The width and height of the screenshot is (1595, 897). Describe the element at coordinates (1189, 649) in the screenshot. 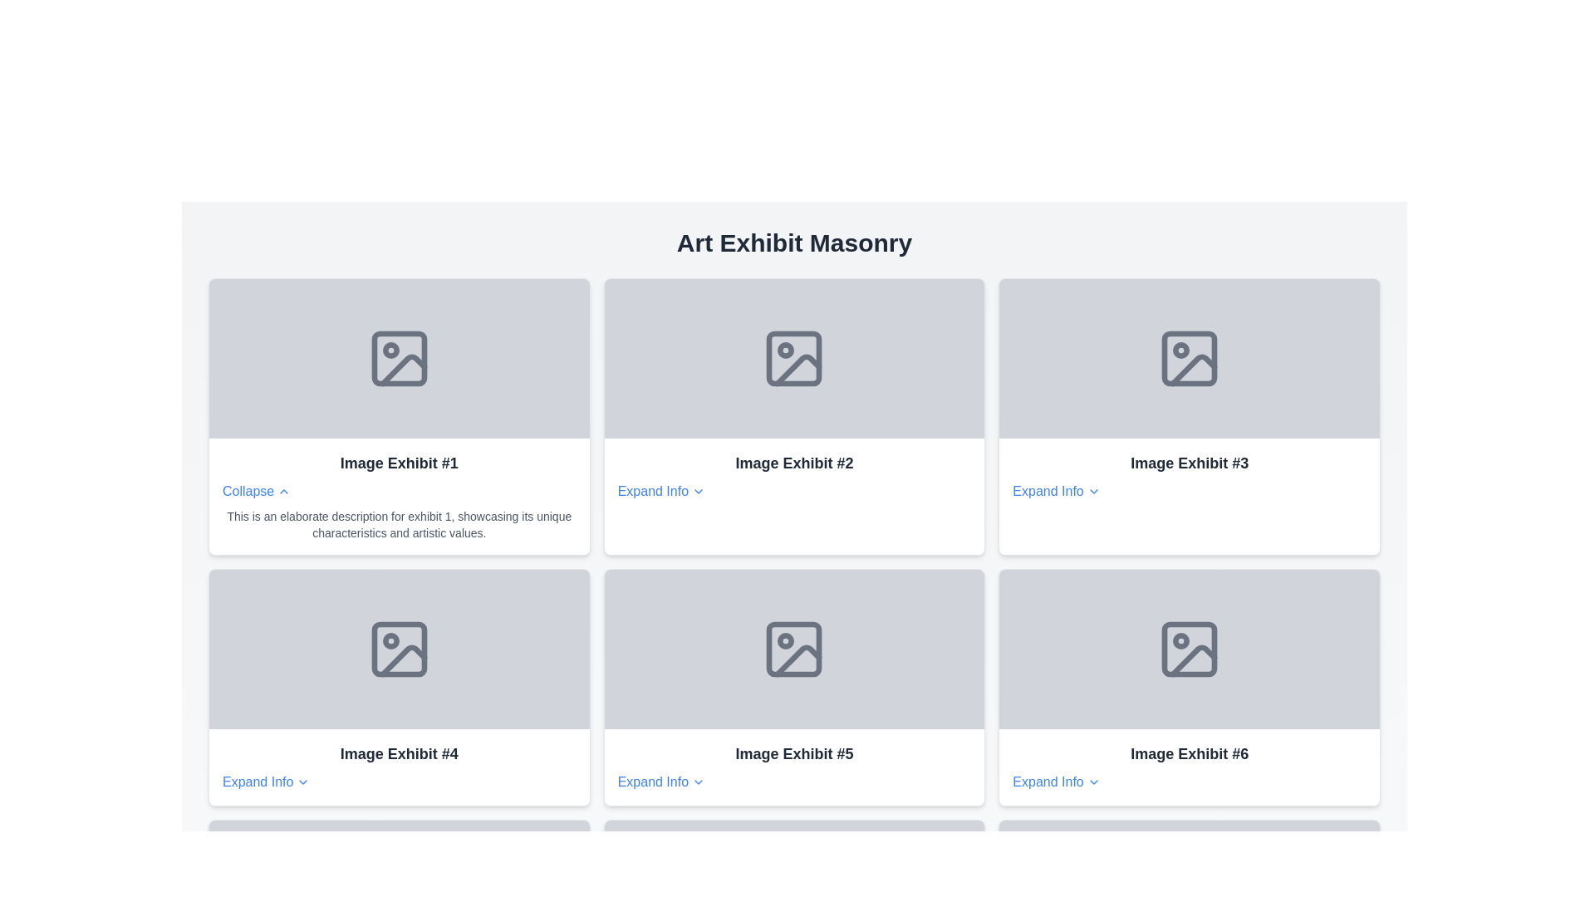

I see `the icon-like graphical component depicting an image placeholder located in the sixth card labeled 'Image Exhibit #6'` at that location.